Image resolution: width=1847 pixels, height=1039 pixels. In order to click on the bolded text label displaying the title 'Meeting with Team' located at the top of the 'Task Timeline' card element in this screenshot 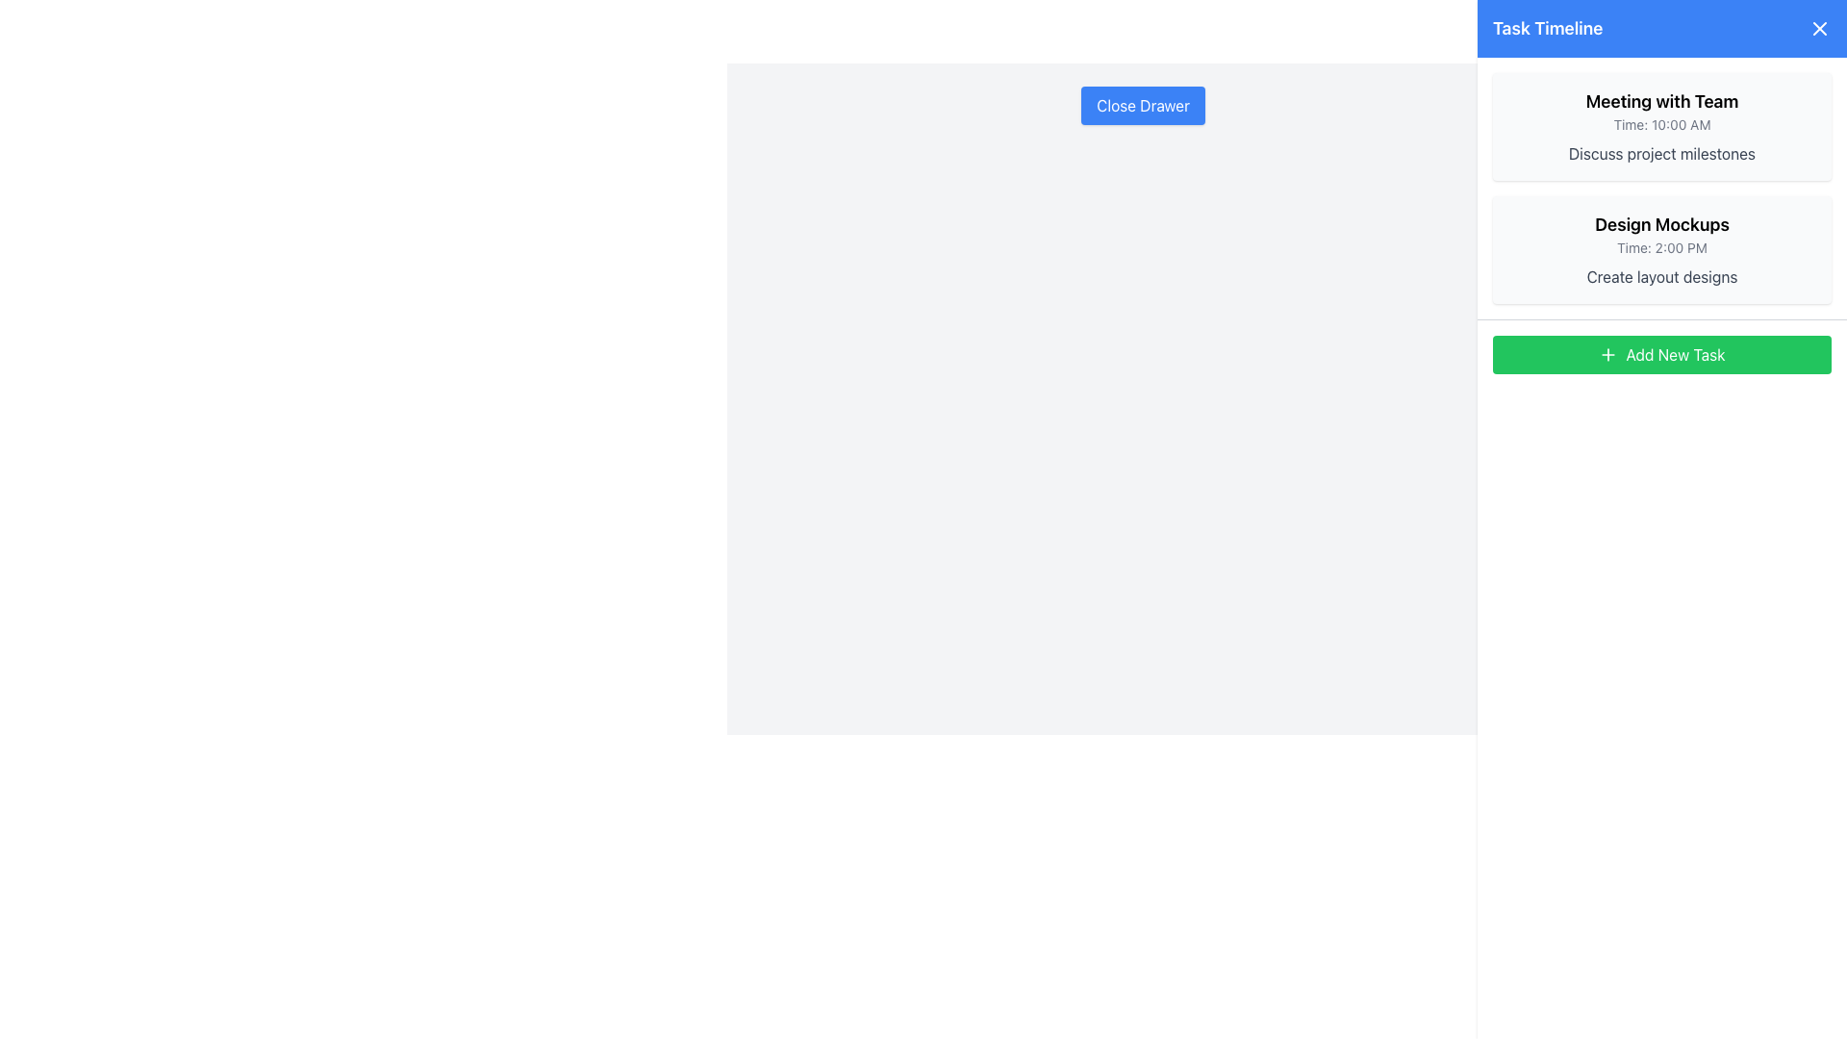, I will do `click(1661, 101)`.